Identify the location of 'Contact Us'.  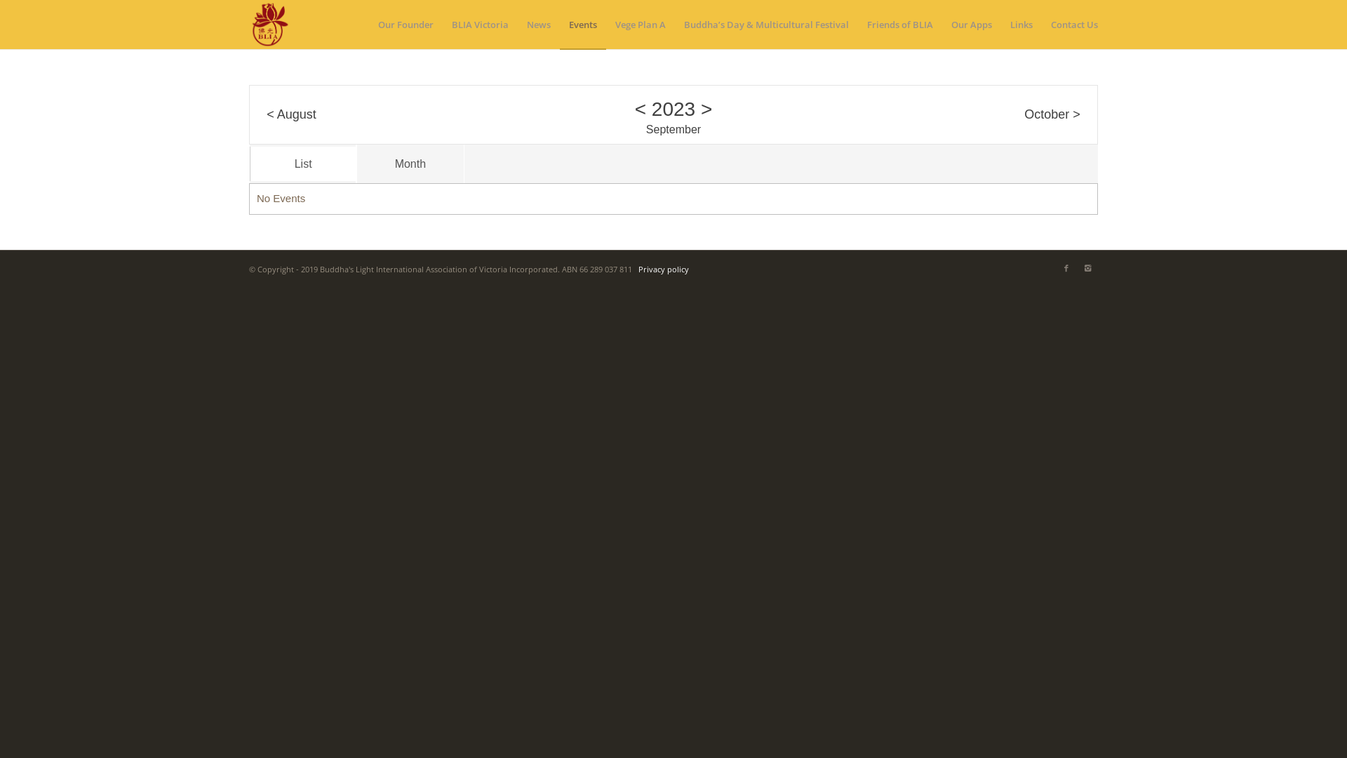
(1069, 24).